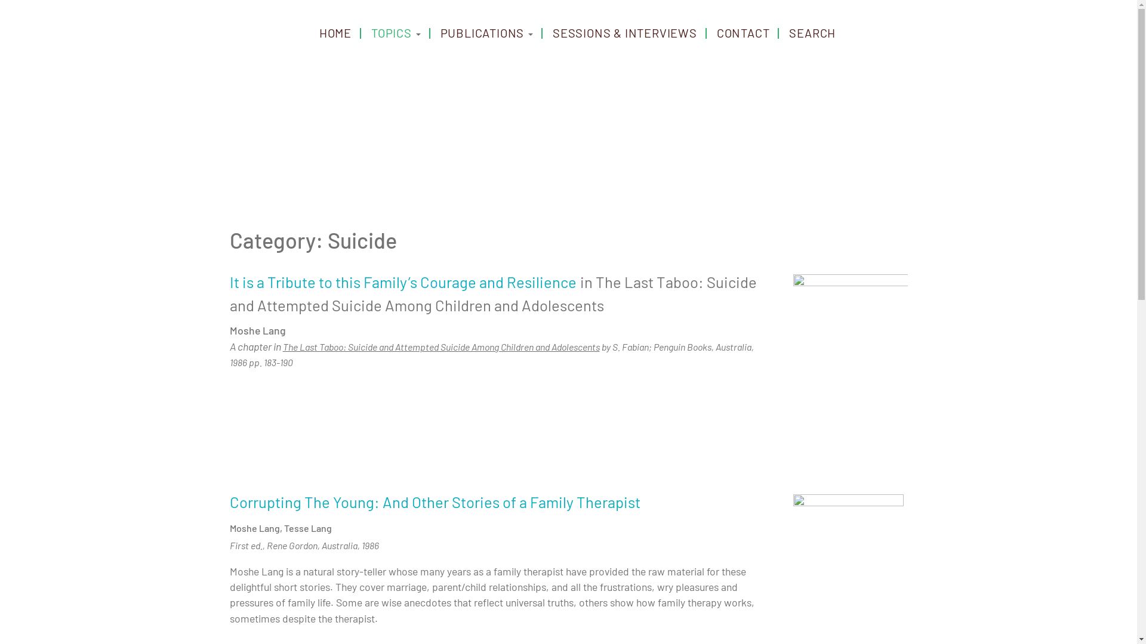 The width and height of the screenshot is (1146, 644). Describe the element at coordinates (334, 32) in the screenshot. I see `'HOME'` at that location.